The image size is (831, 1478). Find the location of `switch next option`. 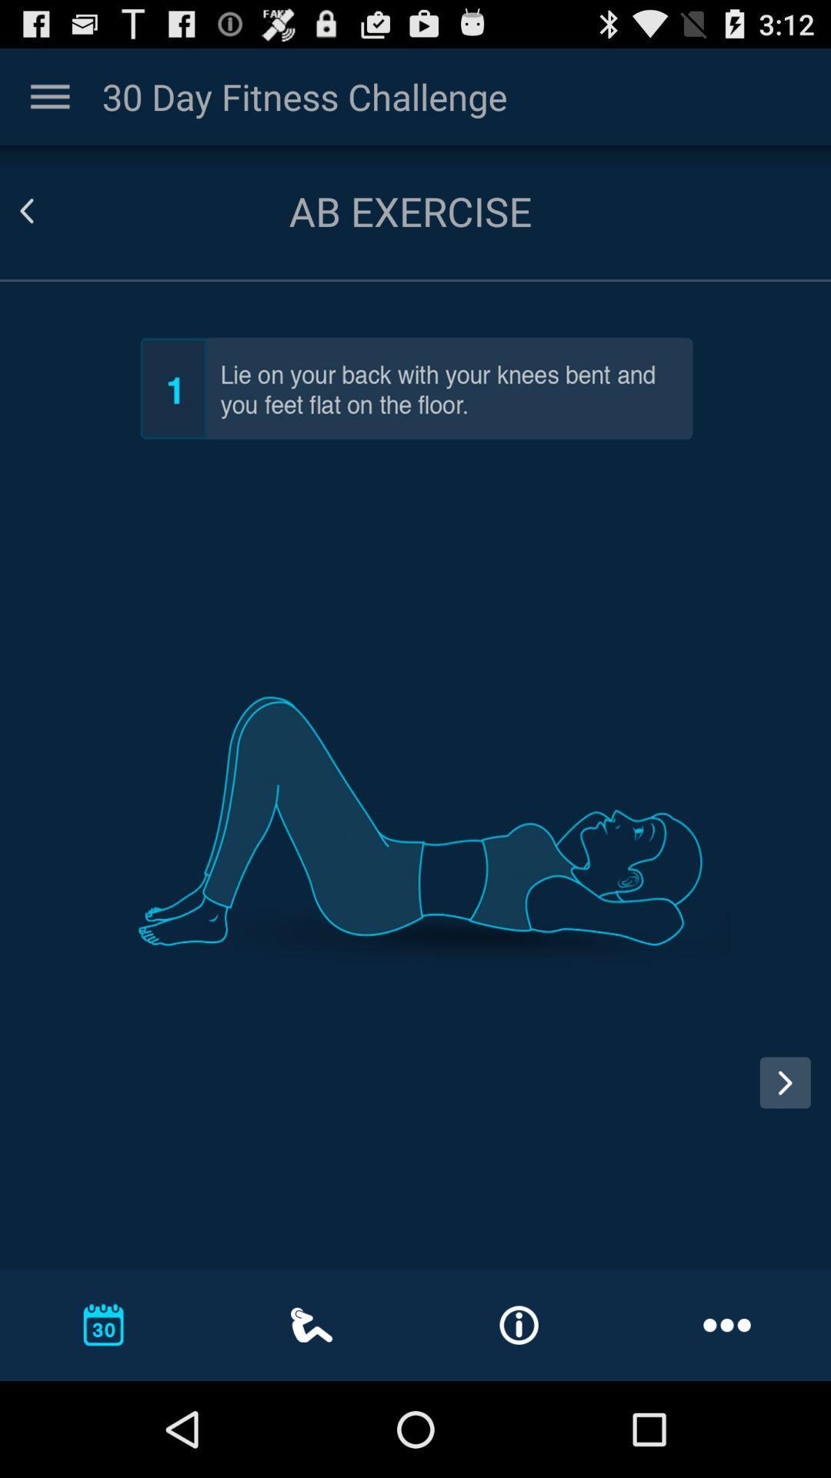

switch next option is located at coordinates (790, 1096).